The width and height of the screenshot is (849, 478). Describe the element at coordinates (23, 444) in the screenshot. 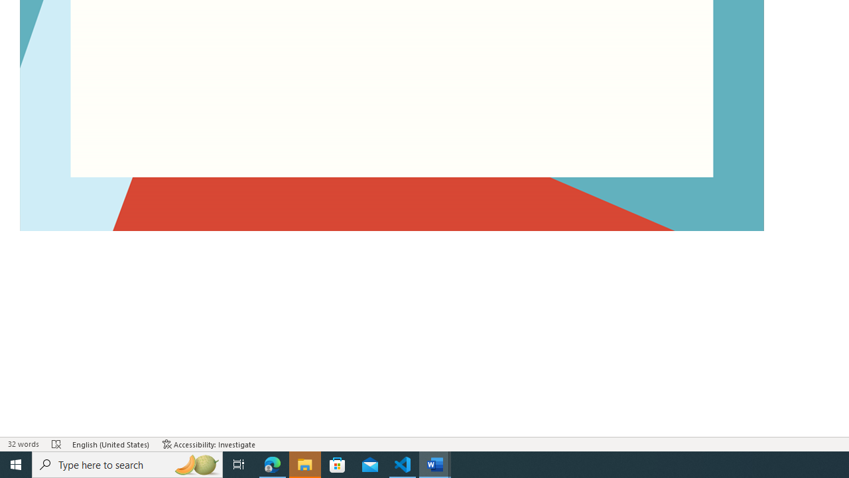

I see `'Word Count 32 words'` at that location.